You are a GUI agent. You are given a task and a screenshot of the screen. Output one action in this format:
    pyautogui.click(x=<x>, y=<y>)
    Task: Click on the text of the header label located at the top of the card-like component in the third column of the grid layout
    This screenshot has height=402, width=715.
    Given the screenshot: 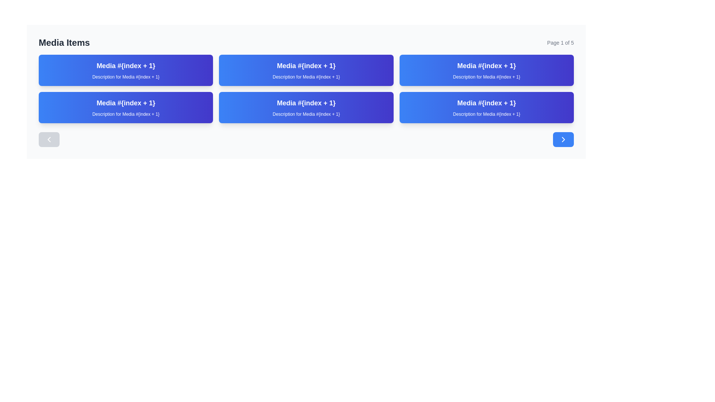 What is the action you would take?
    pyautogui.click(x=486, y=66)
    